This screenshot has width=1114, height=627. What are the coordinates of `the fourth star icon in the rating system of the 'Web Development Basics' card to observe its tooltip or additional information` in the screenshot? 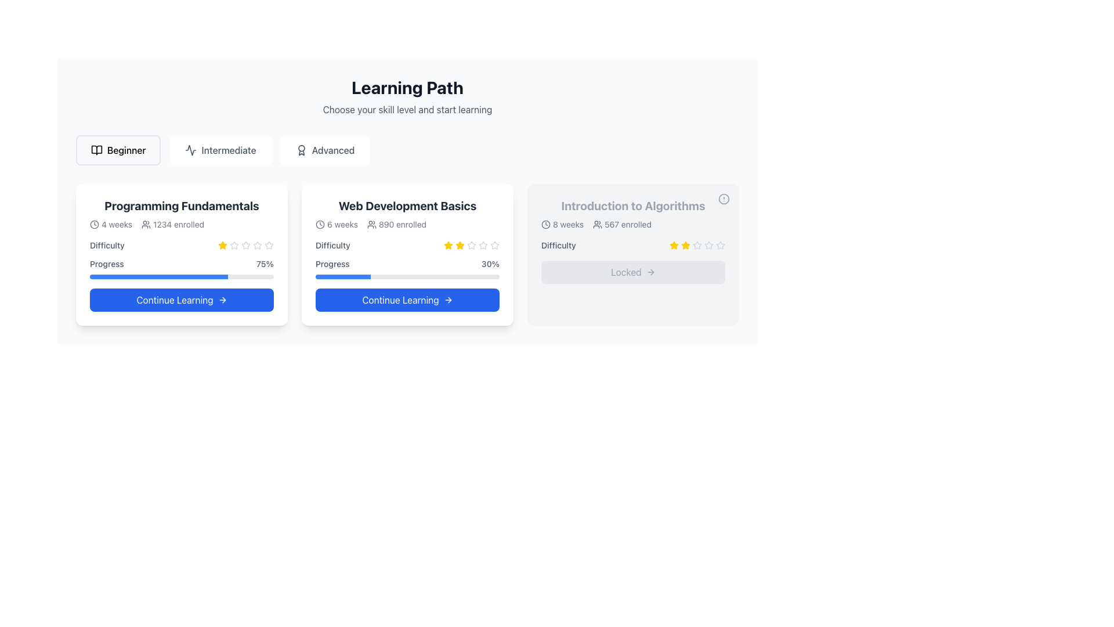 It's located at (471, 245).